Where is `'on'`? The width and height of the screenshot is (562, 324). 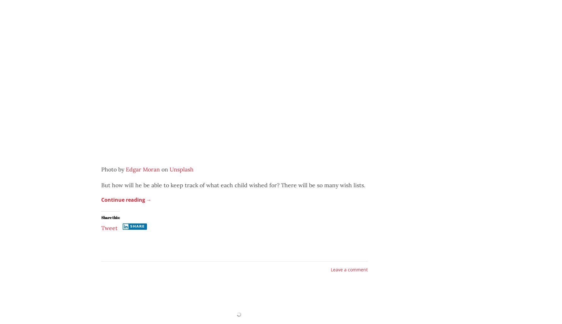
'on' is located at coordinates (159, 169).